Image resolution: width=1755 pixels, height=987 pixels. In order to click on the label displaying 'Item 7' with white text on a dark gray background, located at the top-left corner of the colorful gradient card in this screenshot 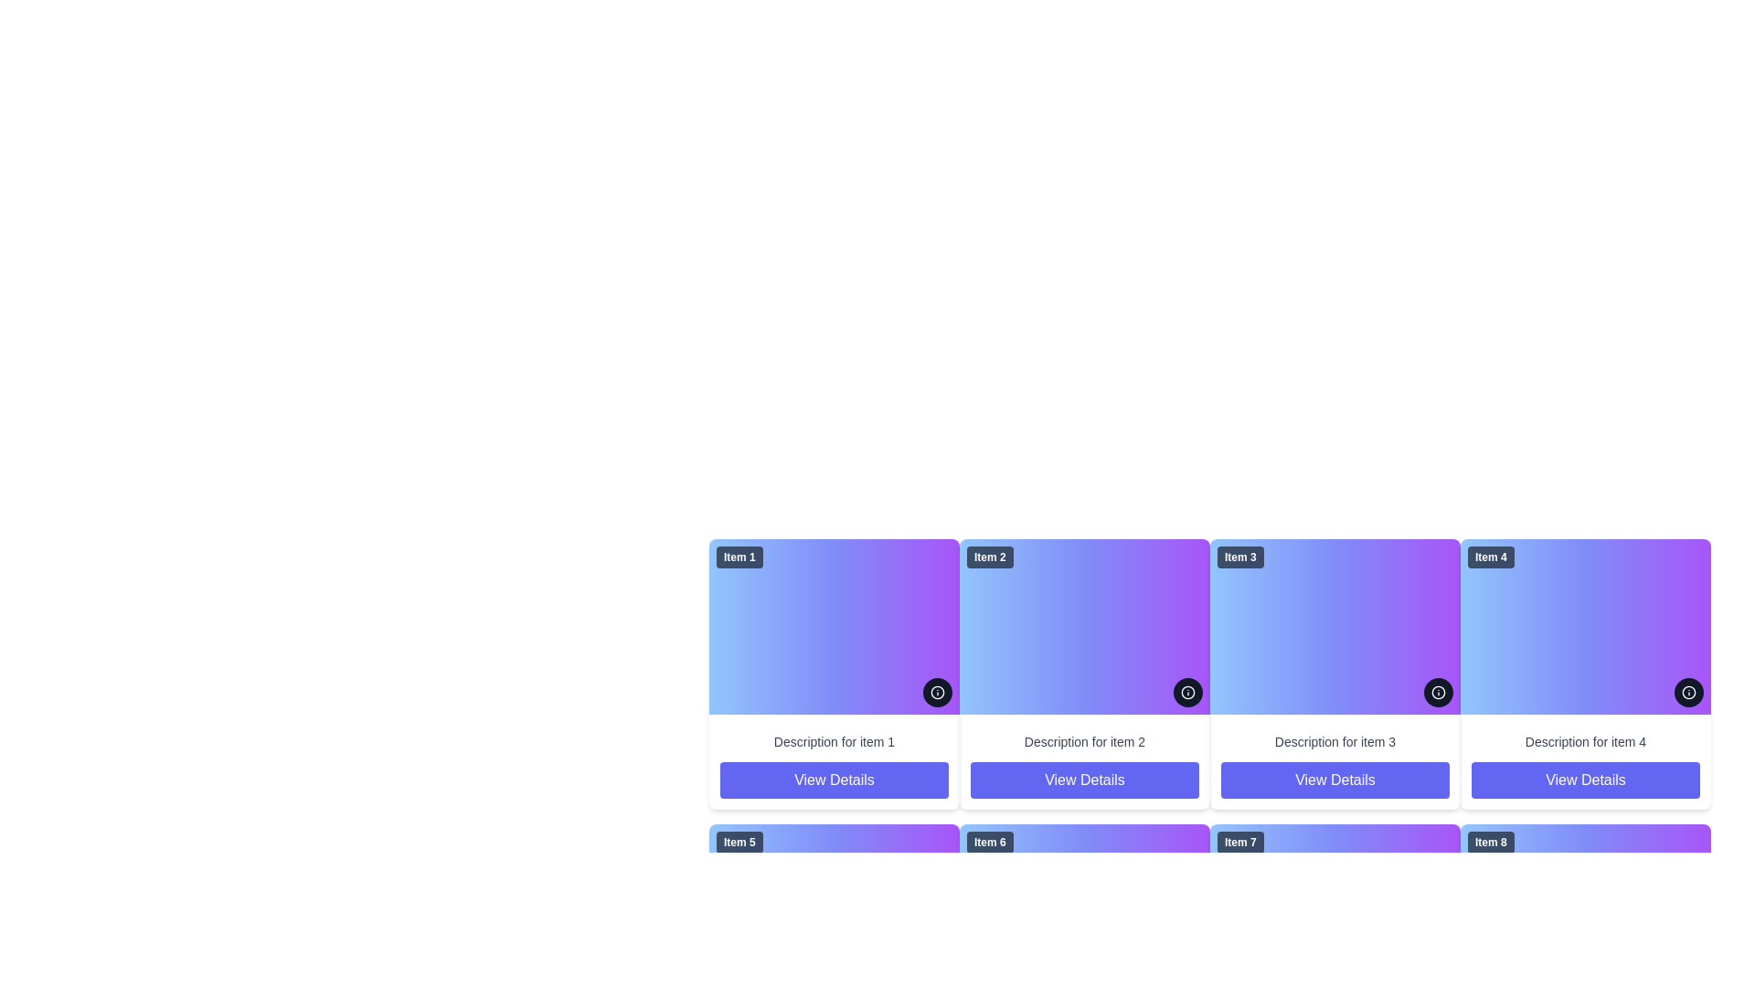, I will do `click(1240, 842)`.